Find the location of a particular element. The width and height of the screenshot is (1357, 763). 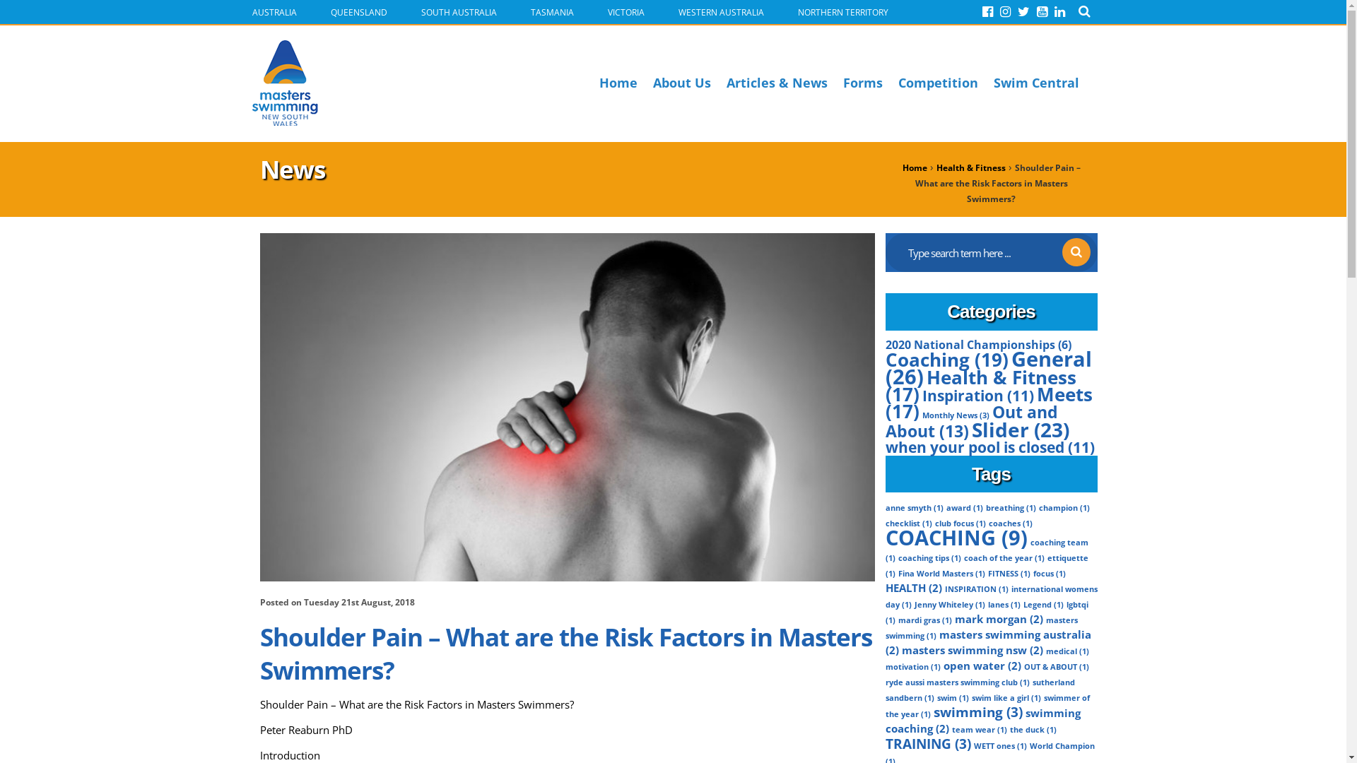

'coaches (1)' is located at coordinates (1009, 523).